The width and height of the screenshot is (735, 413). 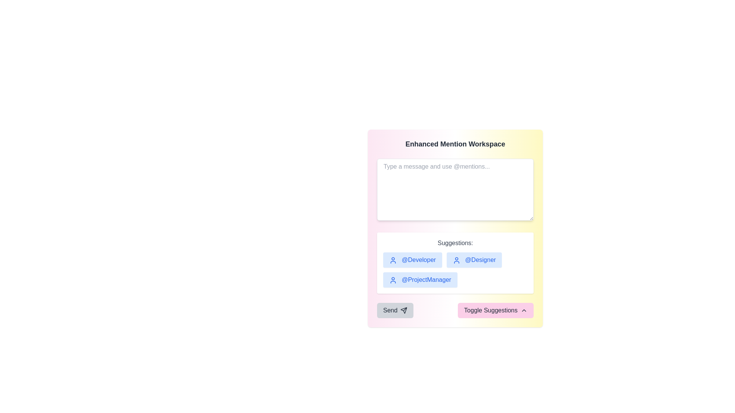 What do you see at coordinates (474, 259) in the screenshot?
I see `the '@Designer' button located in the 'Suggestions' area below the text input box, positioned to the right of the '@Developer' button and above the '@ProjectManager' button` at bounding box center [474, 259].